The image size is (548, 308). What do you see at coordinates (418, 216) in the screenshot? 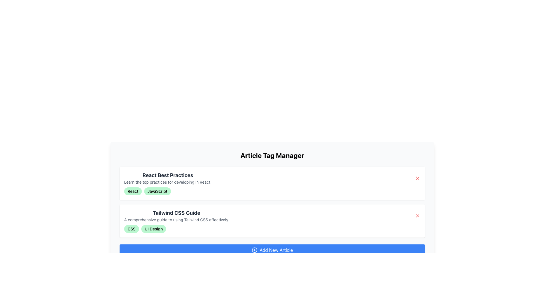
I see `the red 'X' icon button located on the right side of the second row, adjacent to the article metadata and tags` at bounding box center [418, 216].